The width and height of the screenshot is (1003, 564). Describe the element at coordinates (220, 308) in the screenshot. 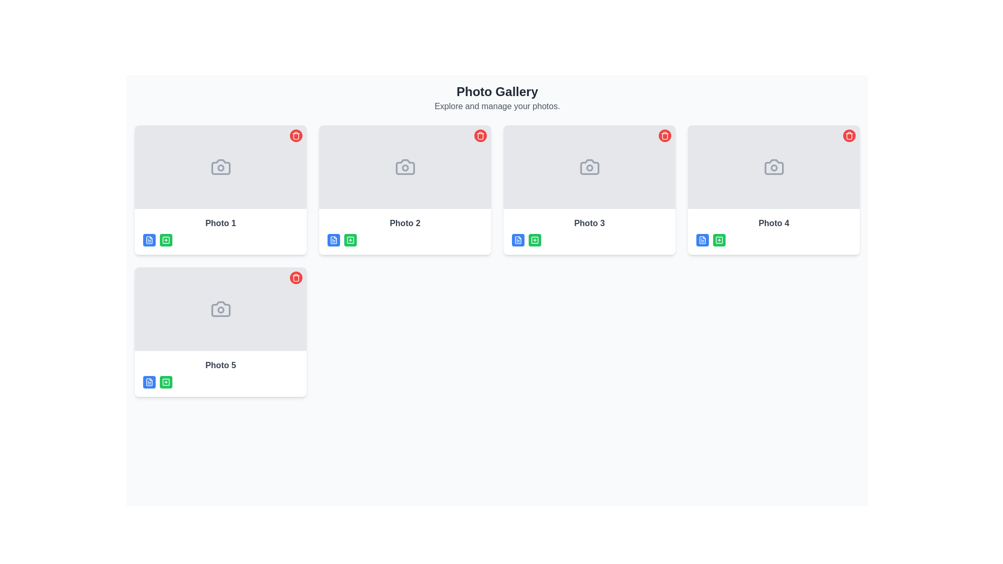

I see `the image placeholder or camera icon with indicator located at the top section of the card labeled 'Photo 5'` at that location.